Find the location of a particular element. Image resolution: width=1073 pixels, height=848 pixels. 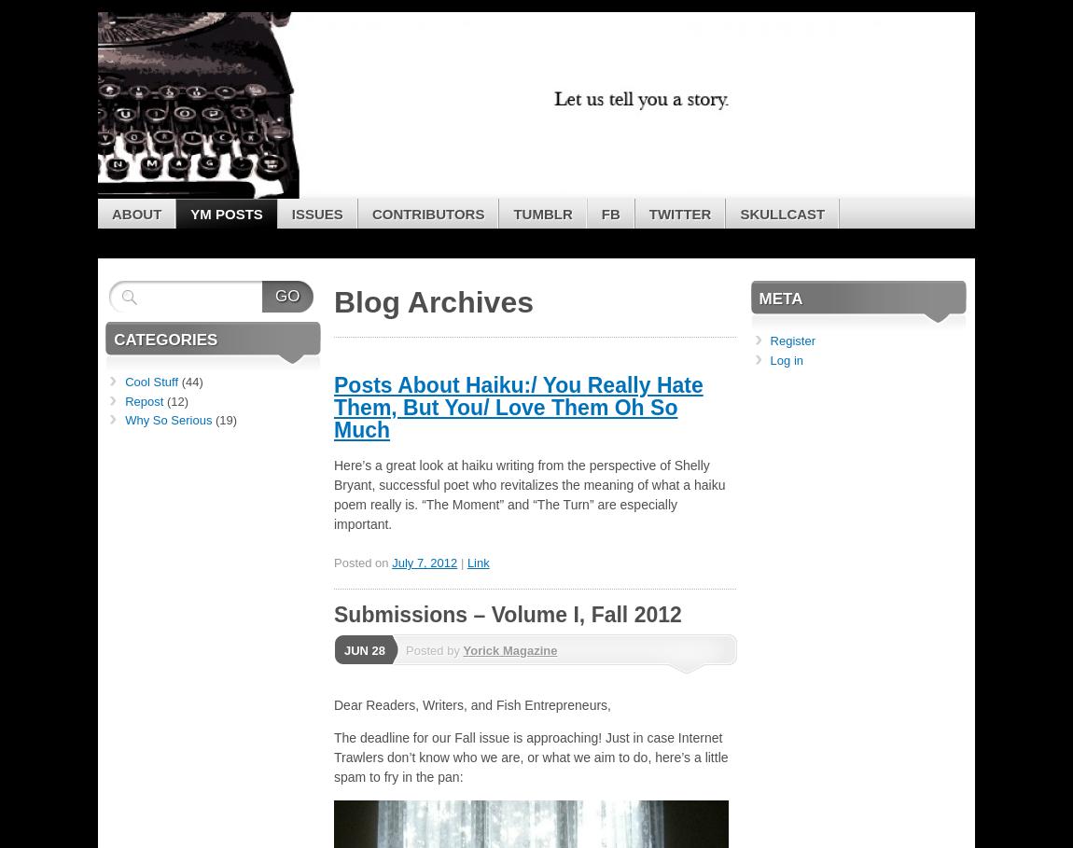

'(19)' is located at coordinates (223, 419).